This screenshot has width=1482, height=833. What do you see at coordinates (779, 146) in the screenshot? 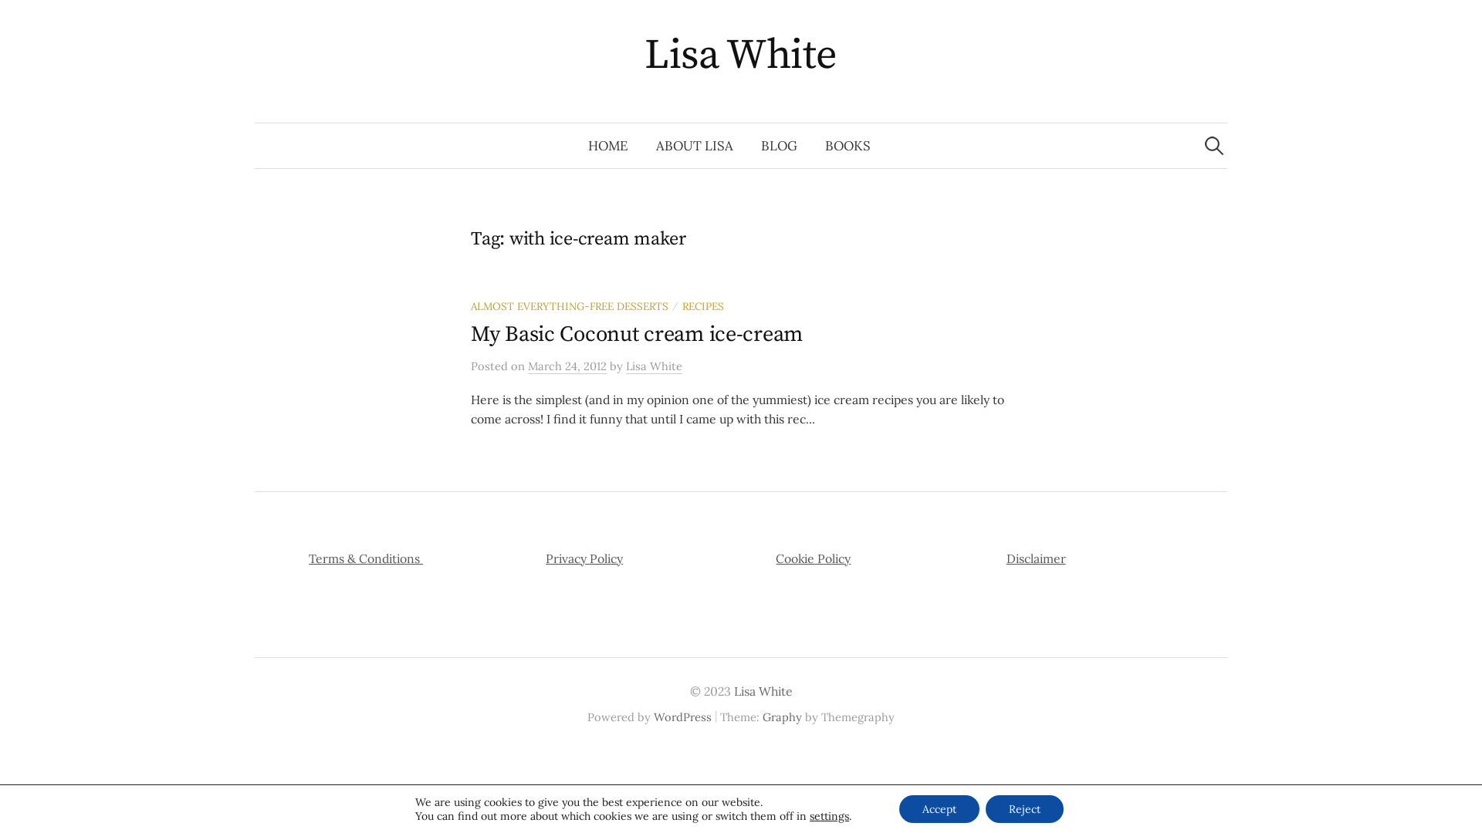
I see `'BLOG'` at bounding box center [779, 146].